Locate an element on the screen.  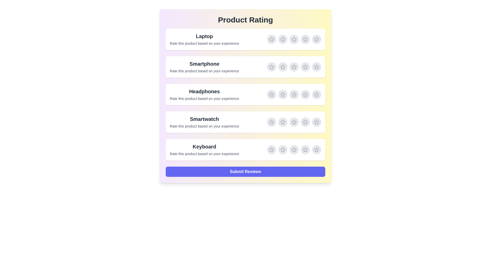
'Submit Reviews' button is located at coordinates (245, 171).